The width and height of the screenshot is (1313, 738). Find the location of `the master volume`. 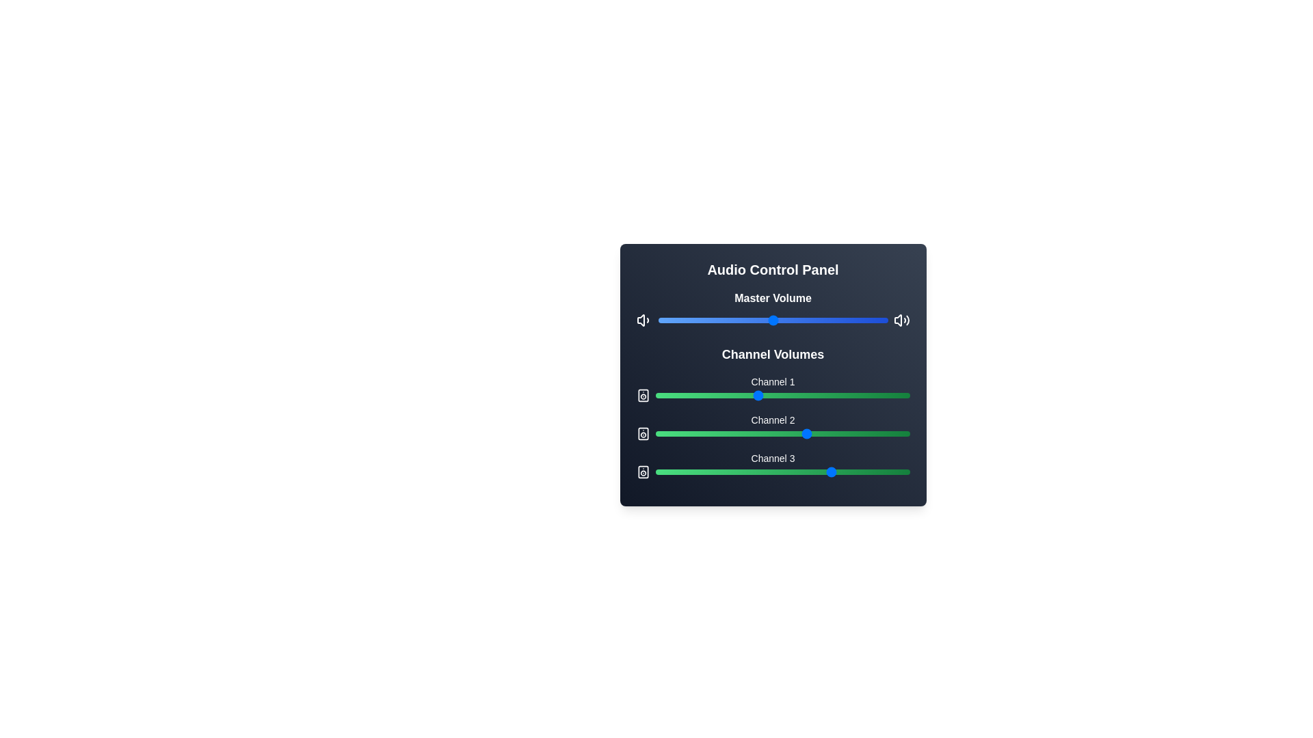

the master volume is located at coordinates (868, 320).